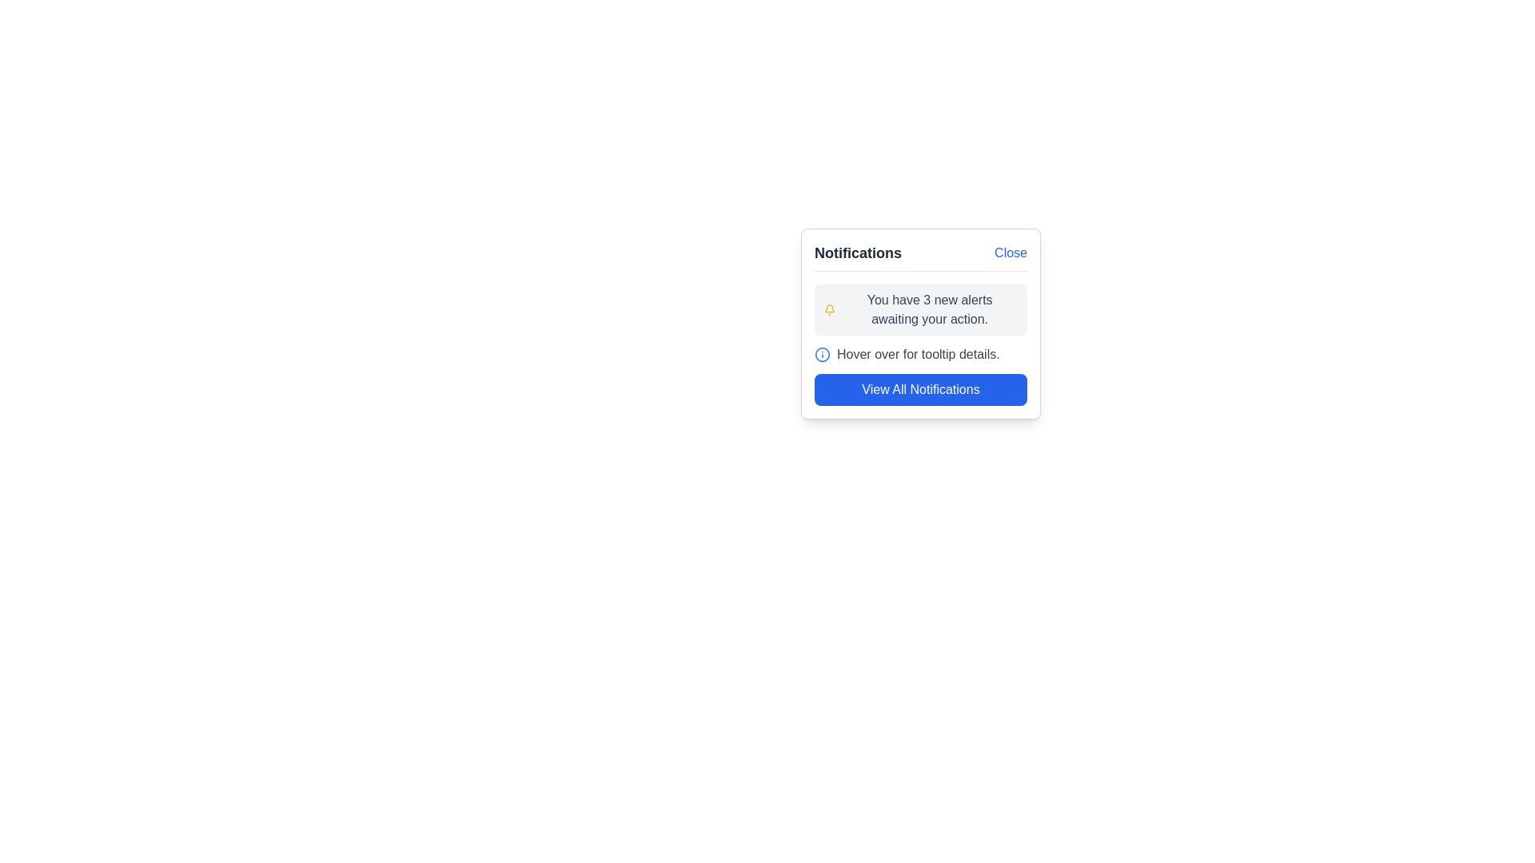 This screenshot has height=863, width=1535. Describe the element at coordinates (921, 353) in the screenshot. I see `the Text with Icon Tooltip Trigger to read the displayed information` at that location.